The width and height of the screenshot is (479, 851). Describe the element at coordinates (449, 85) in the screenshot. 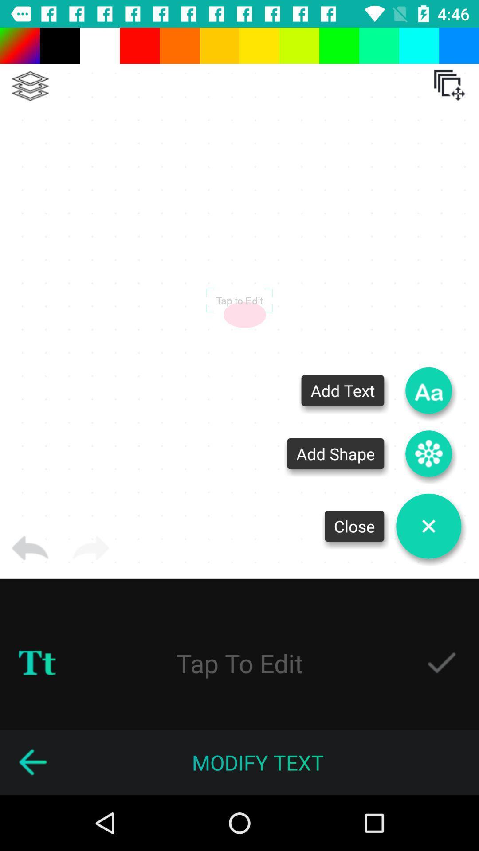

I see `open the tab` at that location.